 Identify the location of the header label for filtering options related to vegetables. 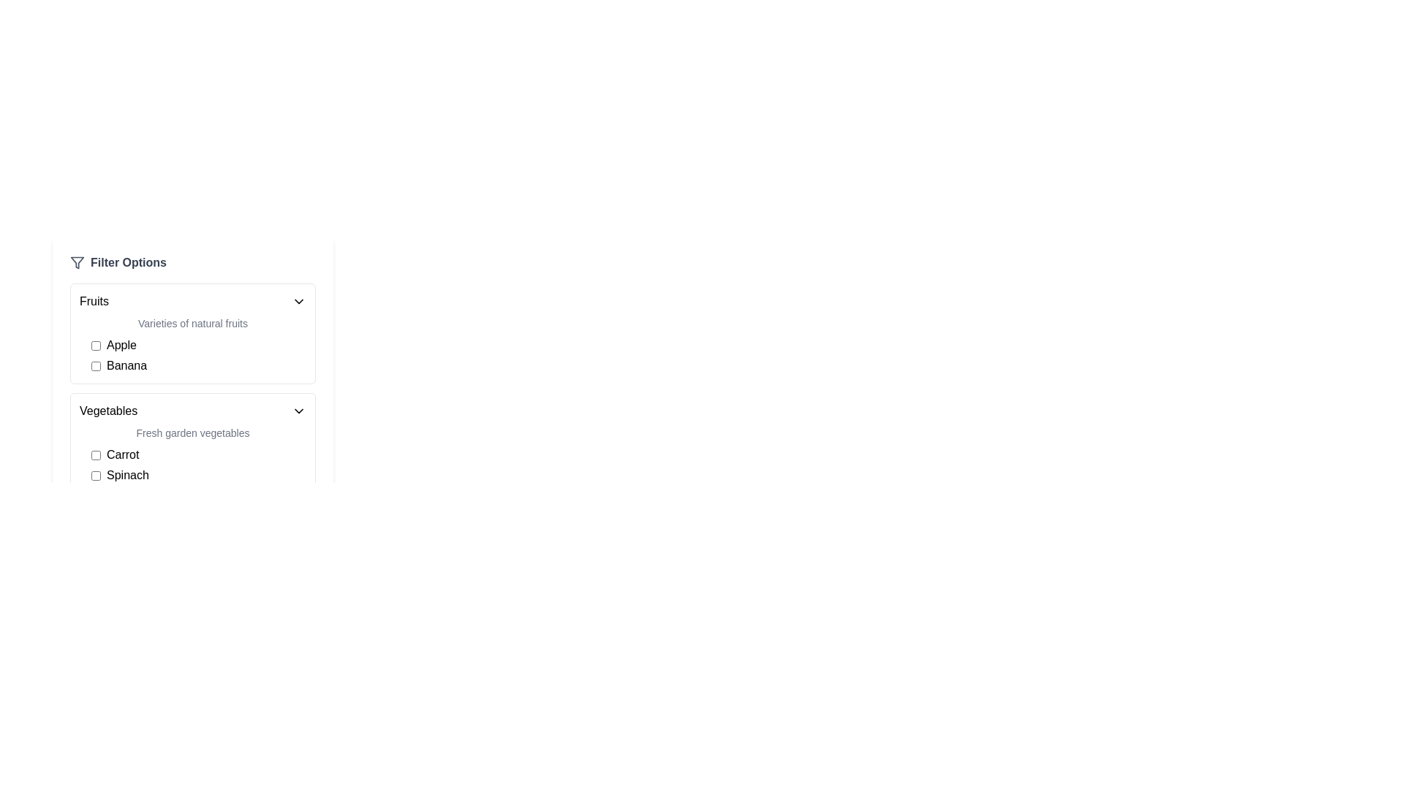
(107, 411).